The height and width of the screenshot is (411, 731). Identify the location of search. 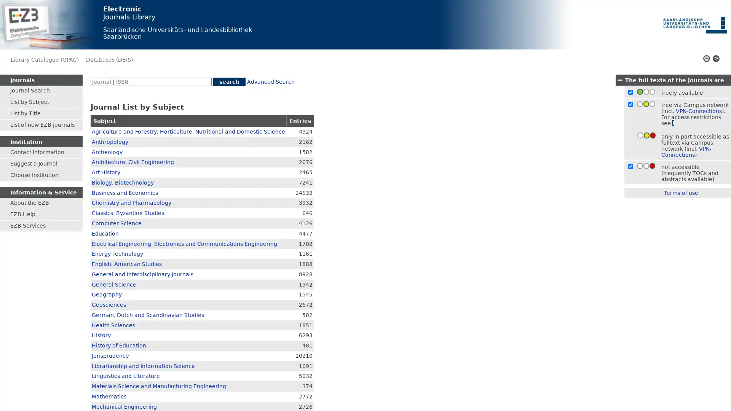
(228, 82).